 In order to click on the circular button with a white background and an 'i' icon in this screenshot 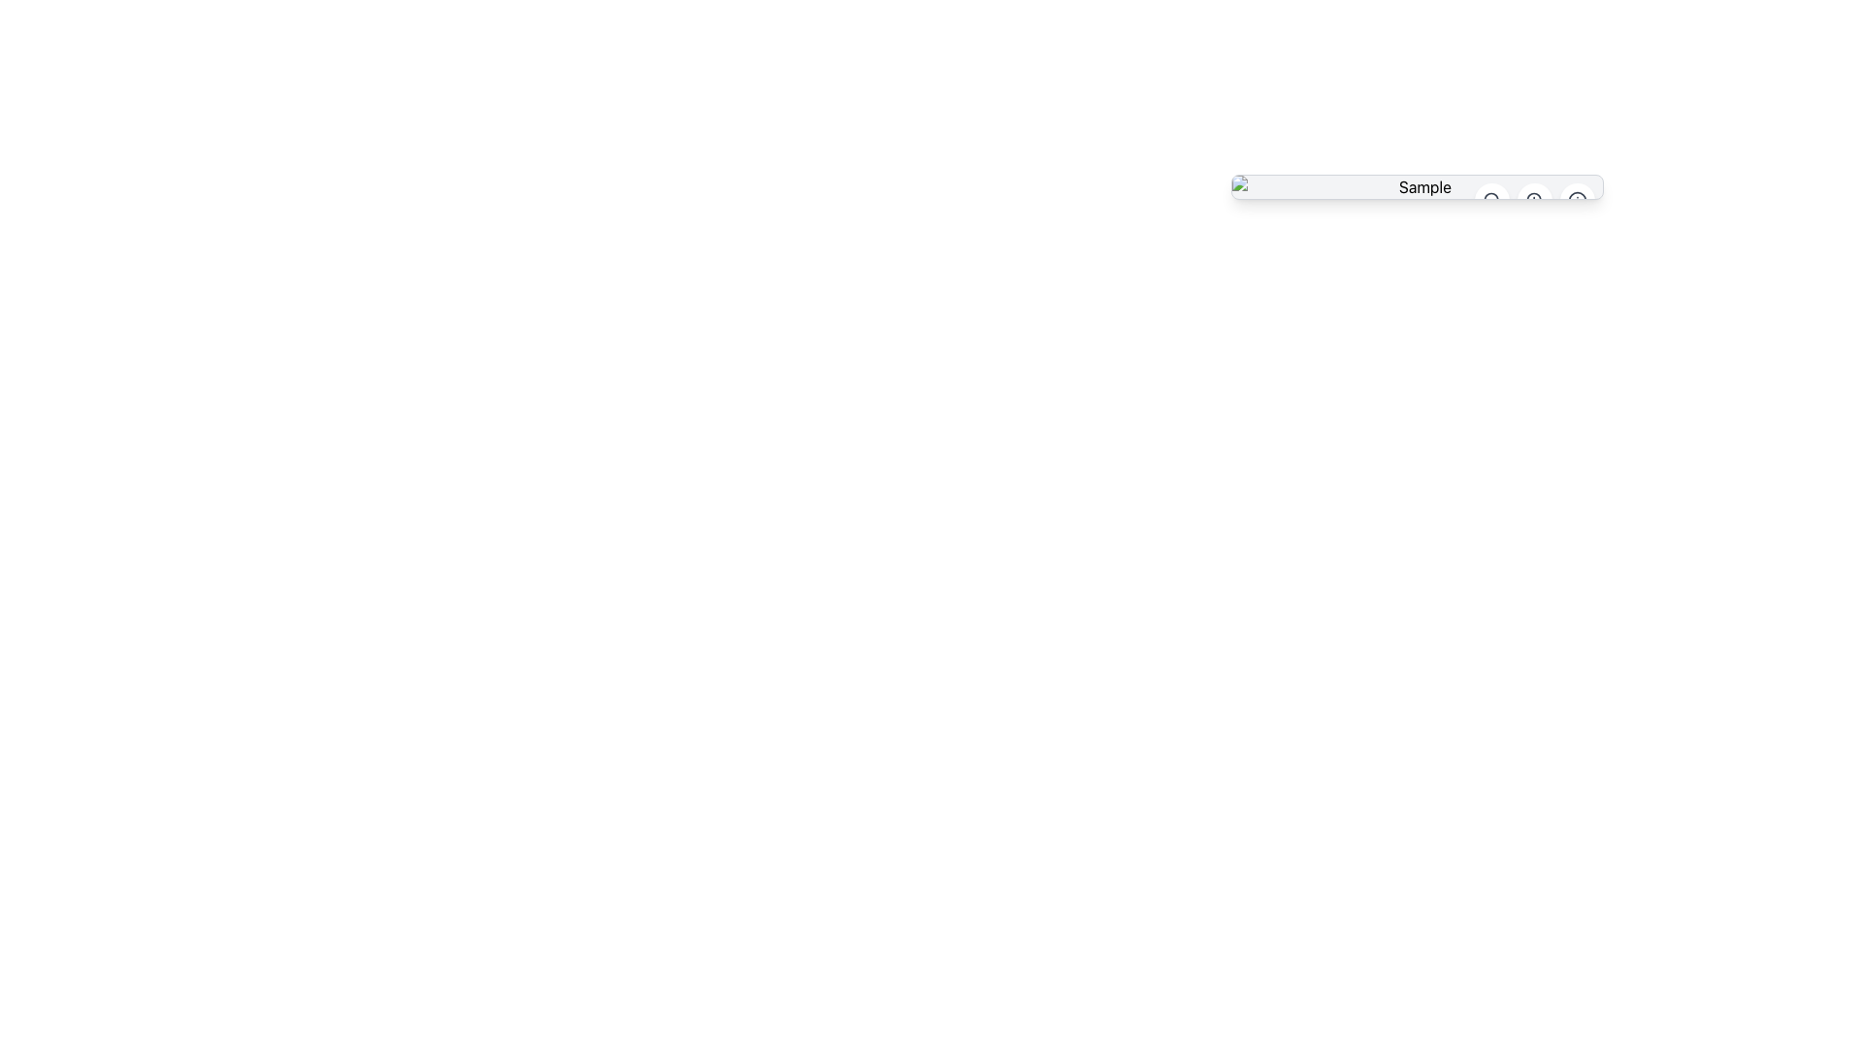, I will do `click(1578, 201)`.